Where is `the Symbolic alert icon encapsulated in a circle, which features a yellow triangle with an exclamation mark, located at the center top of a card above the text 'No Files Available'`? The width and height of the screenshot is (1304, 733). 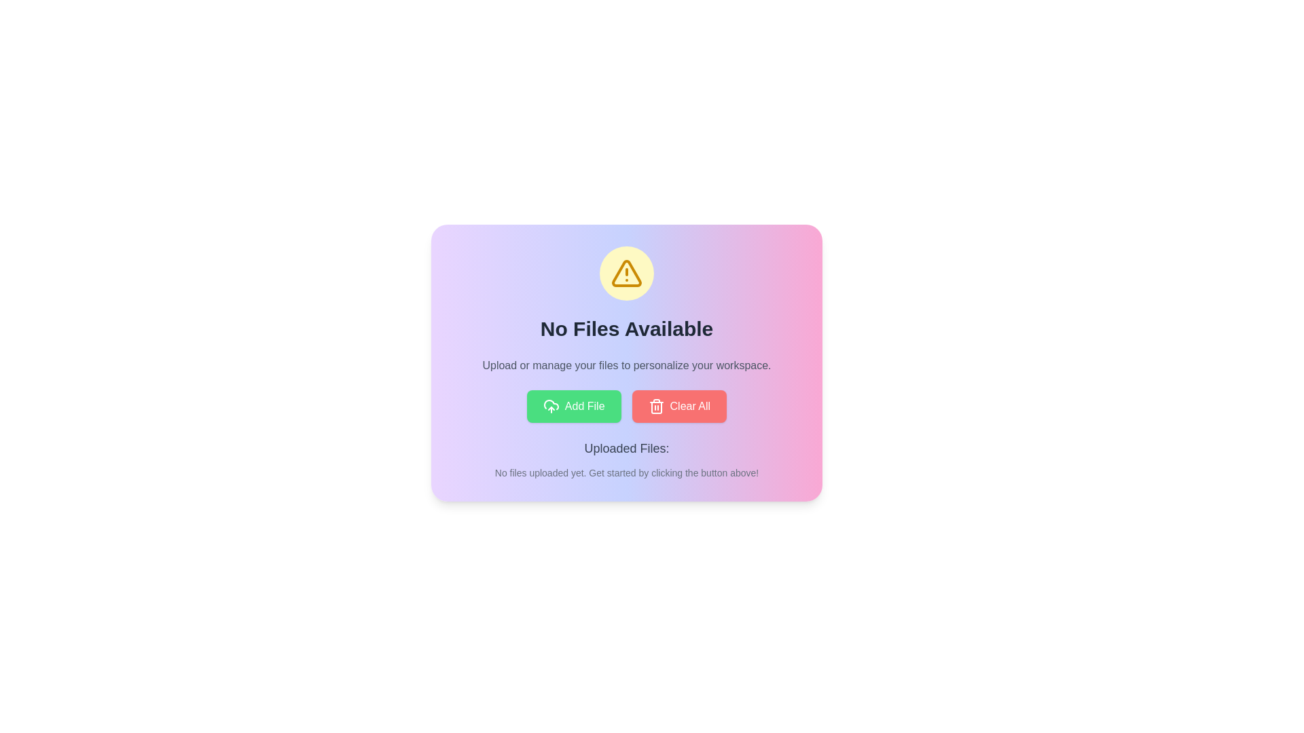
the Symbolic alert icon encapsulated in a circle, which features a yellow triangle with an exclamation mark, located at the center top of a card above the text 'No Files Available' is located at coordinates (626, 273).